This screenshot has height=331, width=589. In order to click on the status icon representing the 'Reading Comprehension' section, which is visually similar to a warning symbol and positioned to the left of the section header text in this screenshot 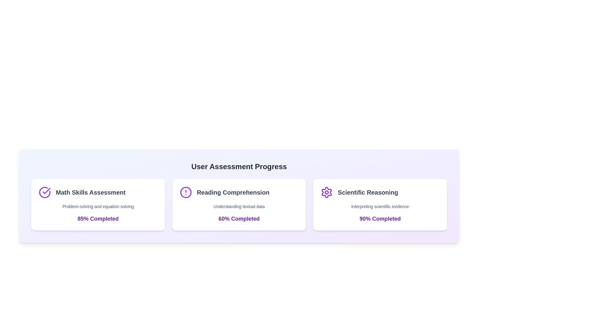, I will do `click(185, 192)`.